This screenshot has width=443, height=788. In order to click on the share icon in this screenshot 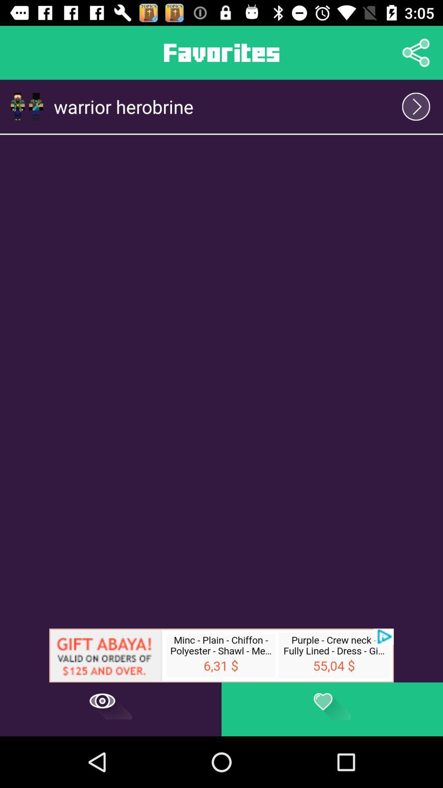, I will do `click(416, 52)`.